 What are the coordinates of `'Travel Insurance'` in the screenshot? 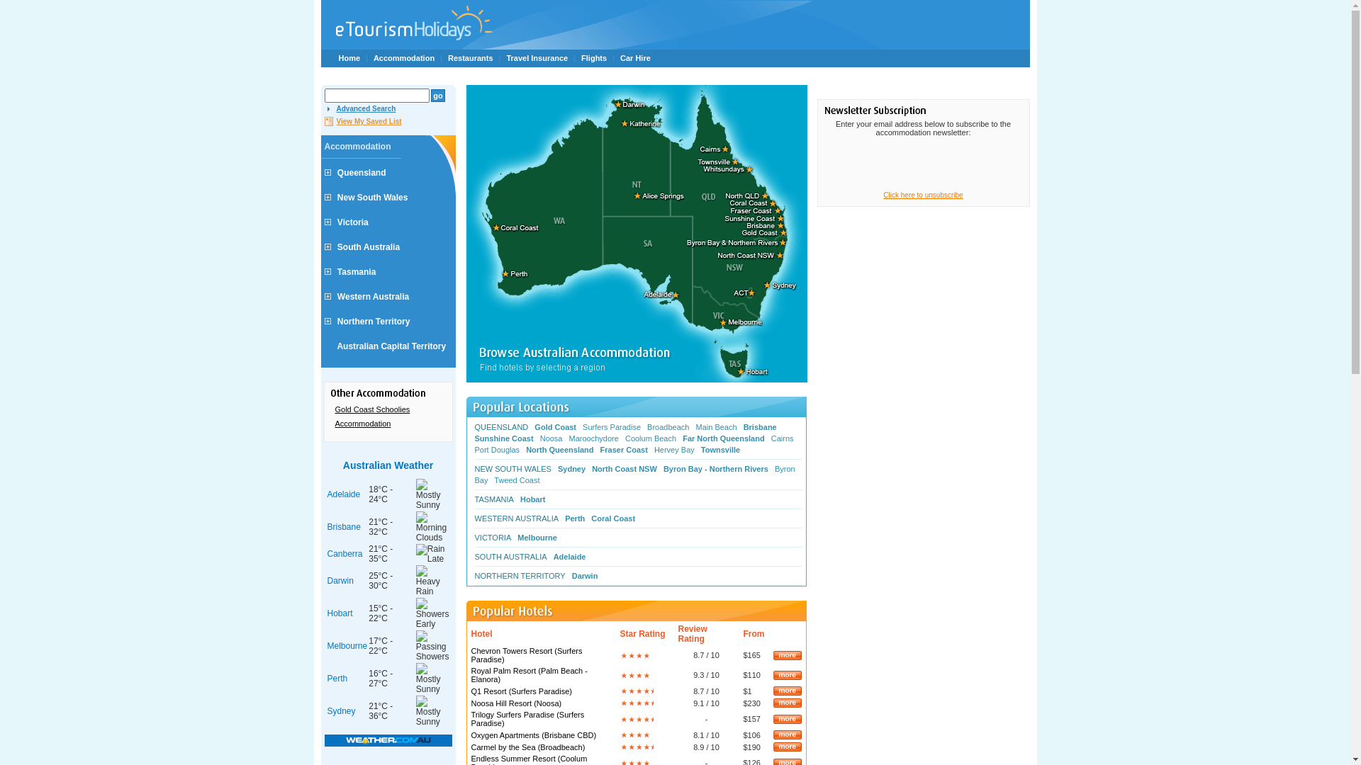 It's located at (536, 57).